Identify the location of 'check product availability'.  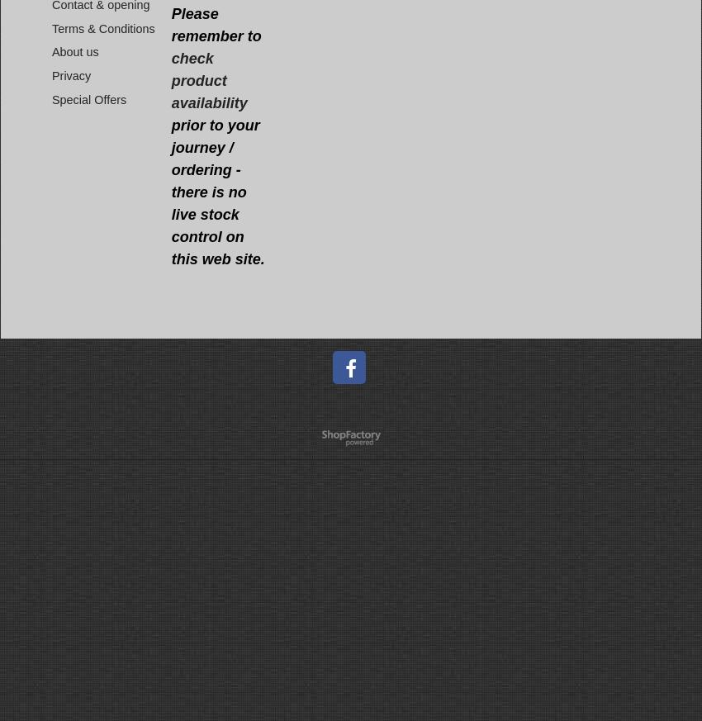
(208, 81).